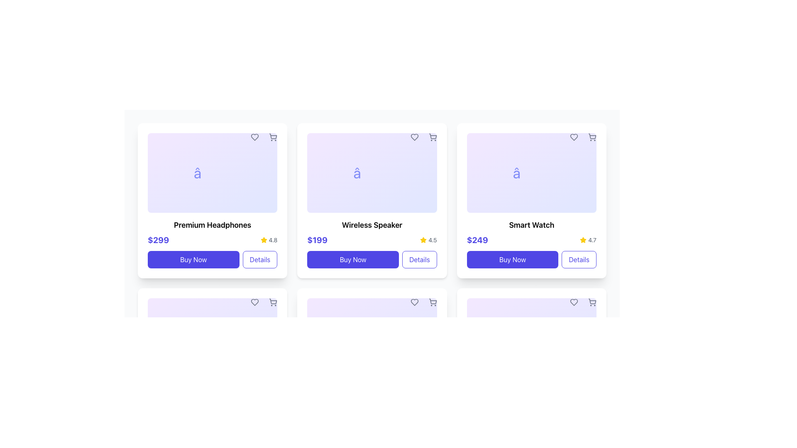  What do you see at coordinates (573, 137) in the screenshot?
I see `the heart icon located in the top-right corner of the 'Smart Watch' card to favorite the associated item` at bounding box center [573, 137].